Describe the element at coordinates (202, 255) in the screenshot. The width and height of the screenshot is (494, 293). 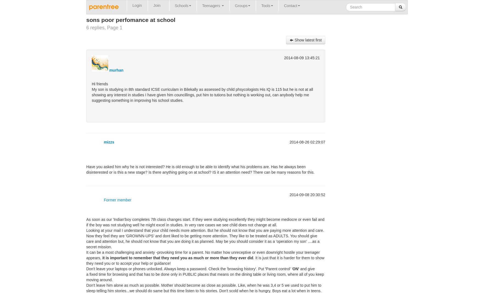
I see `'It can be a most challenging and anxiety -provoking time for a parent. No 
matter how unreceptive or even downright hostile your teenager appears,'` at that location.